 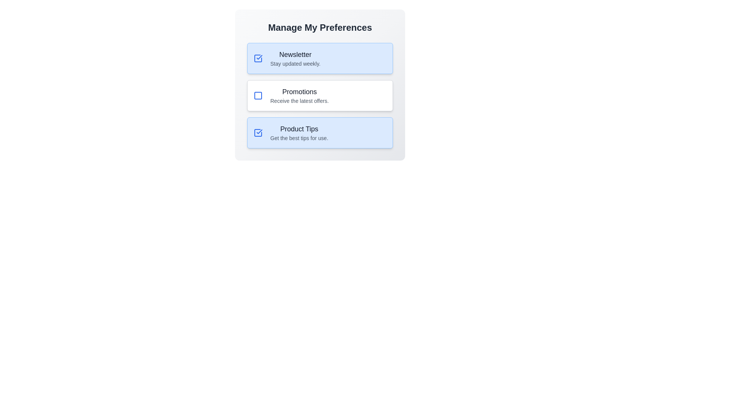 I want to click on the checkmark symbol indicating the 'checked' state of the 'Product Tips' checkbox, which is located at the bottom of the list of options, so click(x=259, y=131).